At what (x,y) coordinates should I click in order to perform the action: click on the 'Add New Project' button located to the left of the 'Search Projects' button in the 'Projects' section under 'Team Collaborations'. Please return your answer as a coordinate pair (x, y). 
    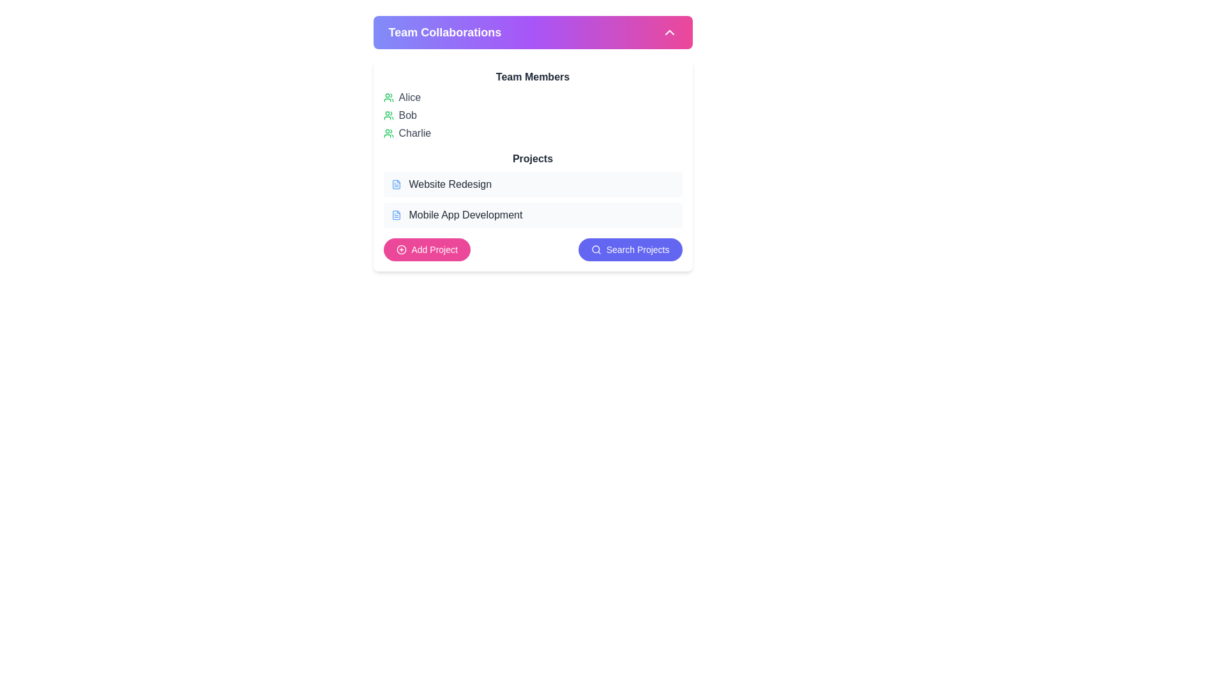
    Looking at the image, I should click on (427, 249).